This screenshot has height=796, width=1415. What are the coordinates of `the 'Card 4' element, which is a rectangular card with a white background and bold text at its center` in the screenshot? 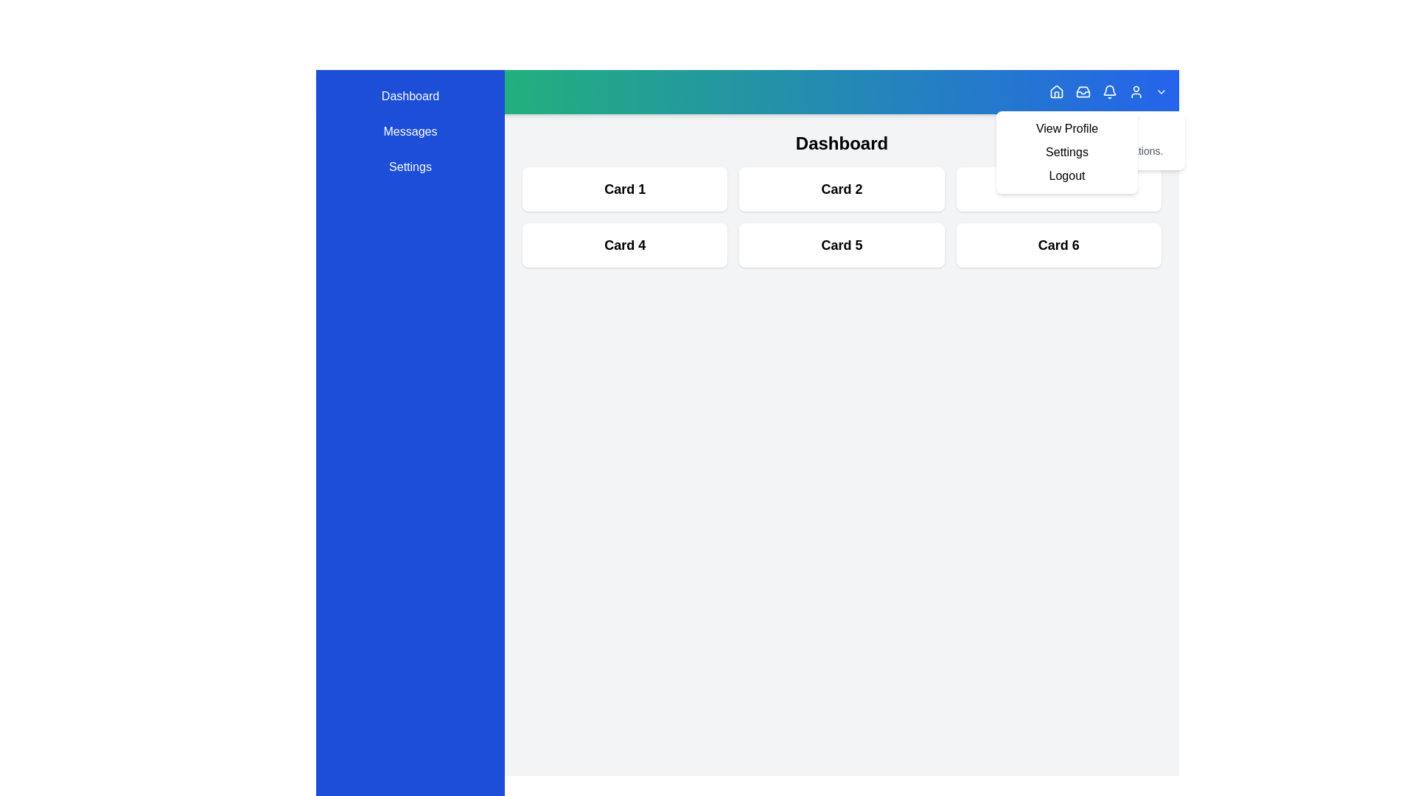 It's located at (625, 244).